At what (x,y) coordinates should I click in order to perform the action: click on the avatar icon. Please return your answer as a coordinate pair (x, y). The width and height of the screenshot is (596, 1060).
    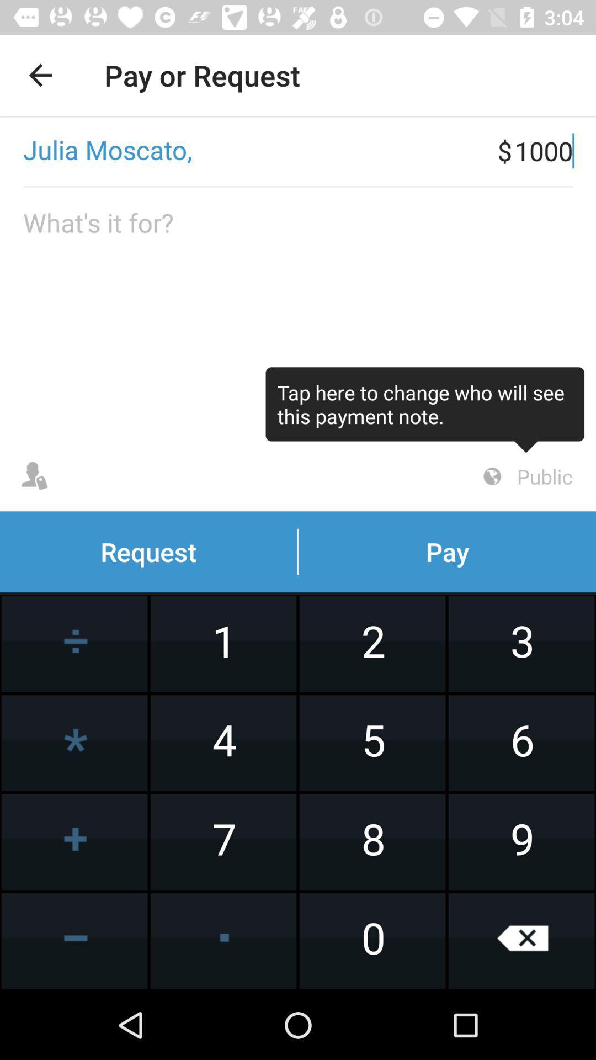
    Looking at the image, I should click on (34, 476).